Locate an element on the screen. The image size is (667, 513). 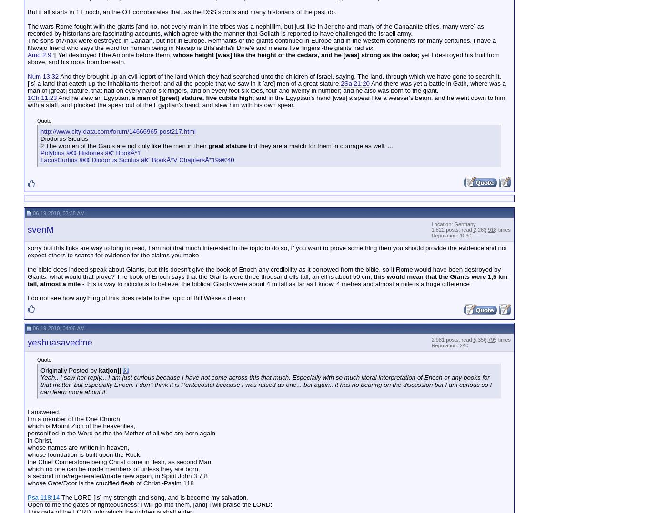
'which is Mount Zion of the heavenlies,' is located at coordinates (81, 425).